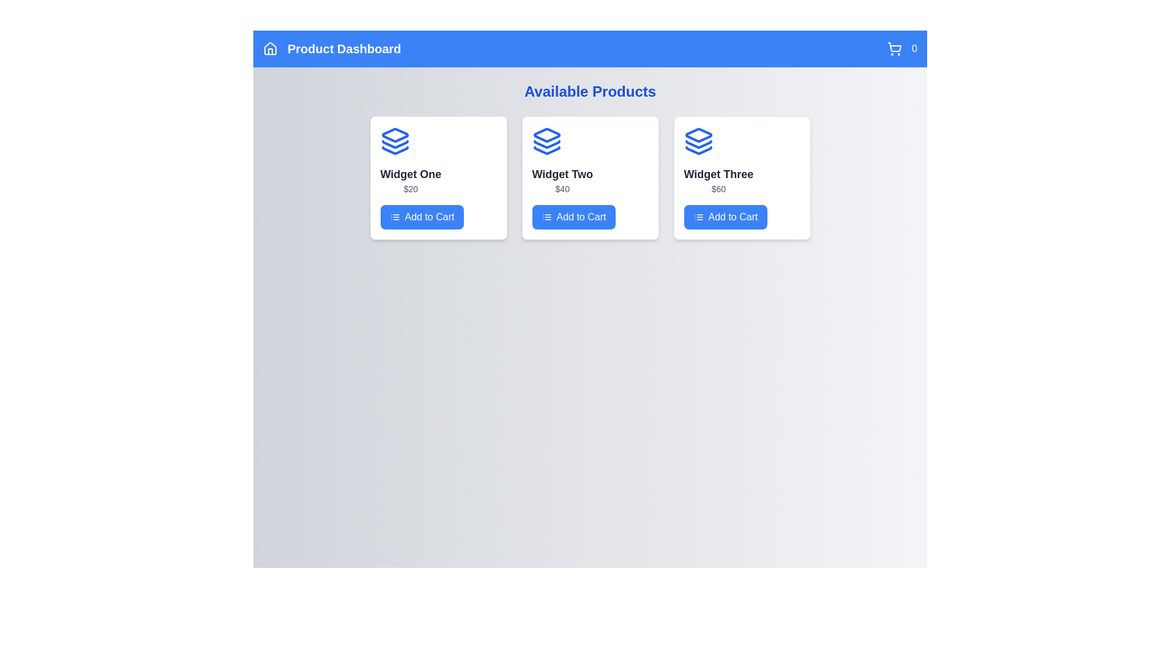  Describe the element at coordinates (546, 141) in the screenshot. I see `the icon representing 'Widget Two' located at the top of the second card under 'Available Products'` at that location.